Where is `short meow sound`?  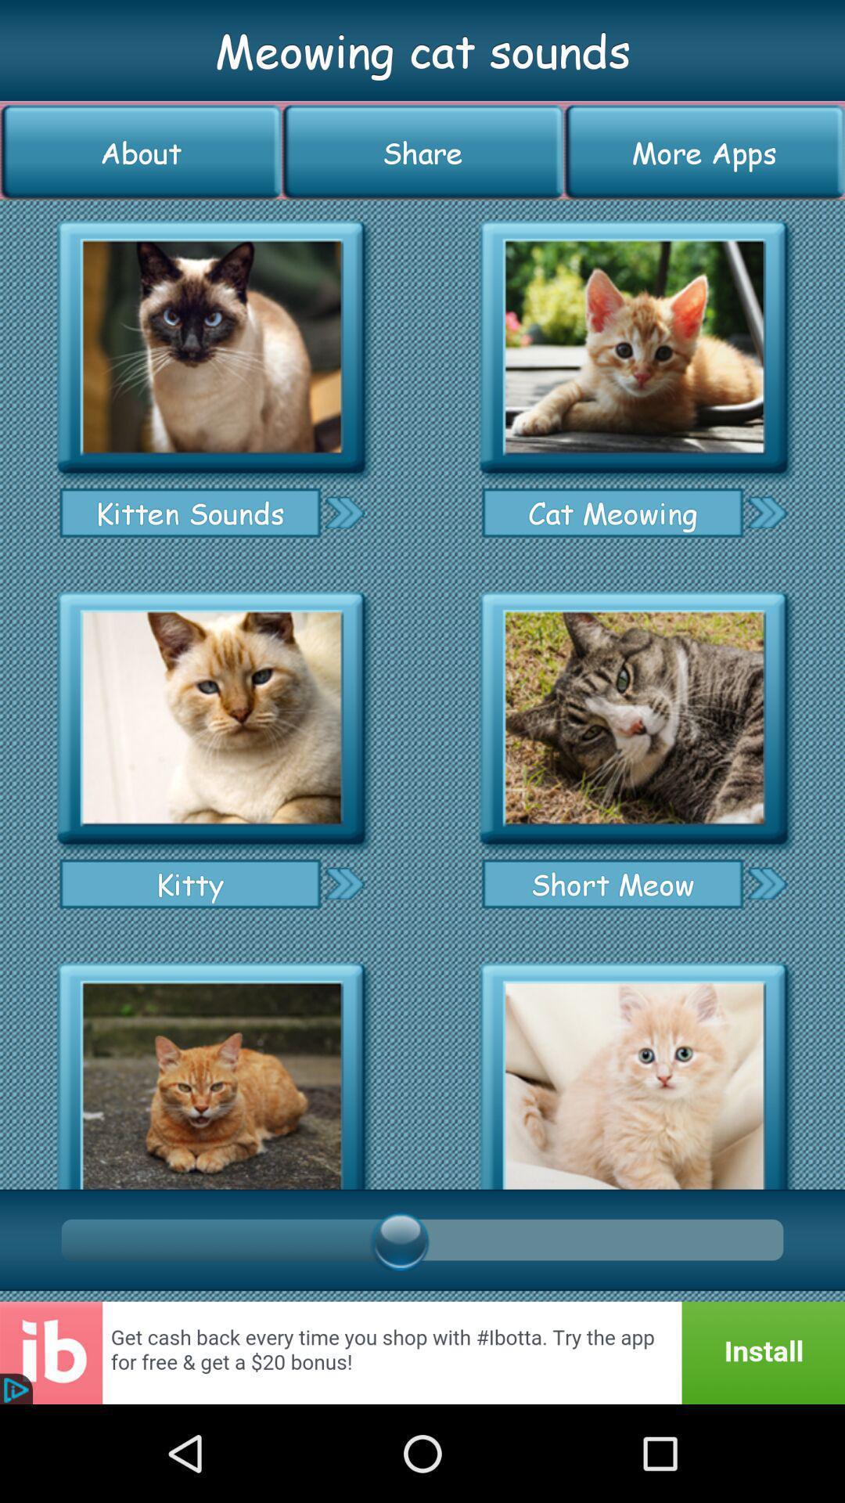
short meow sound is located at coordinates (766, 883).